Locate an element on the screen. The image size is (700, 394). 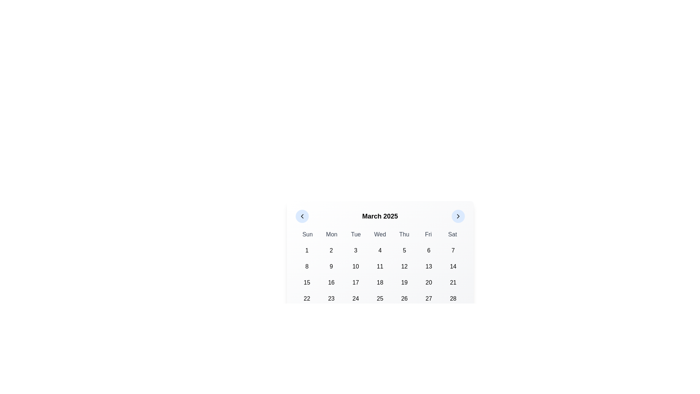
the button representing the date '8' in the March 2025 calendar is located at coordinates (307, 267).